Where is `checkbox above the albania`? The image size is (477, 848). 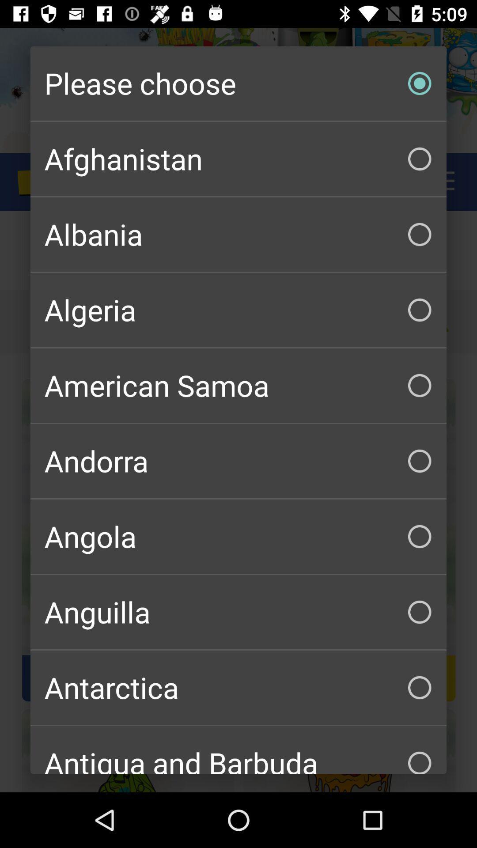
checkbox above the albania is located at coordinates (238, 159).